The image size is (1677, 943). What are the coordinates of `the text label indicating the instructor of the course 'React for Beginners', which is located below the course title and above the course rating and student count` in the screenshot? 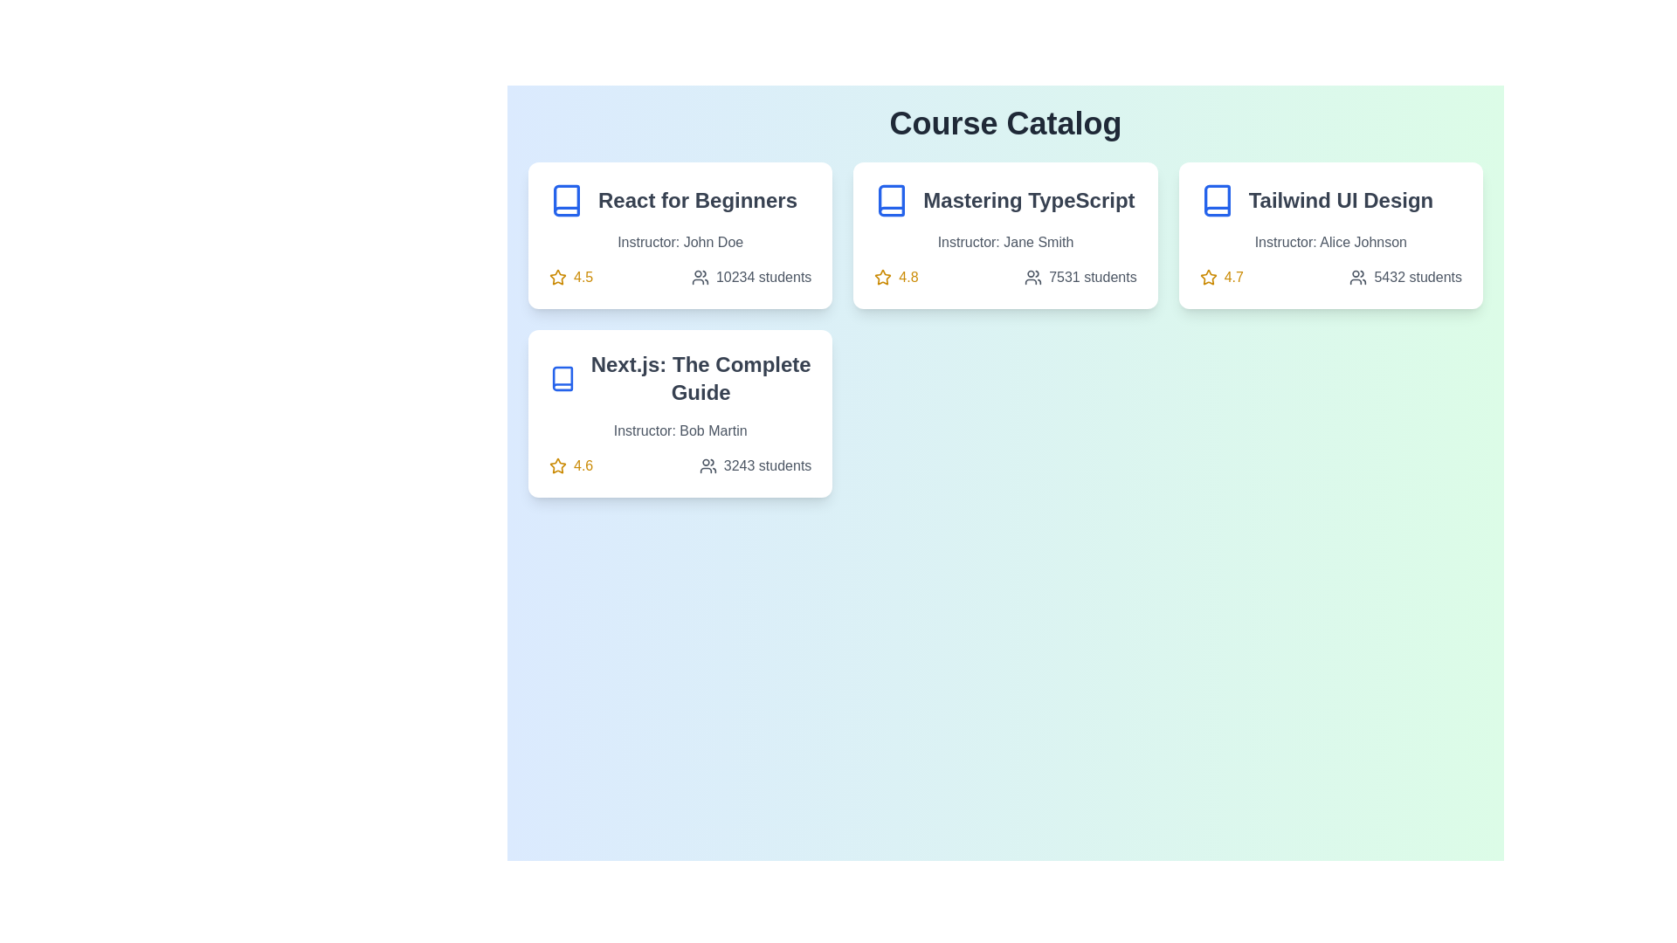 It's located at (680, 242).